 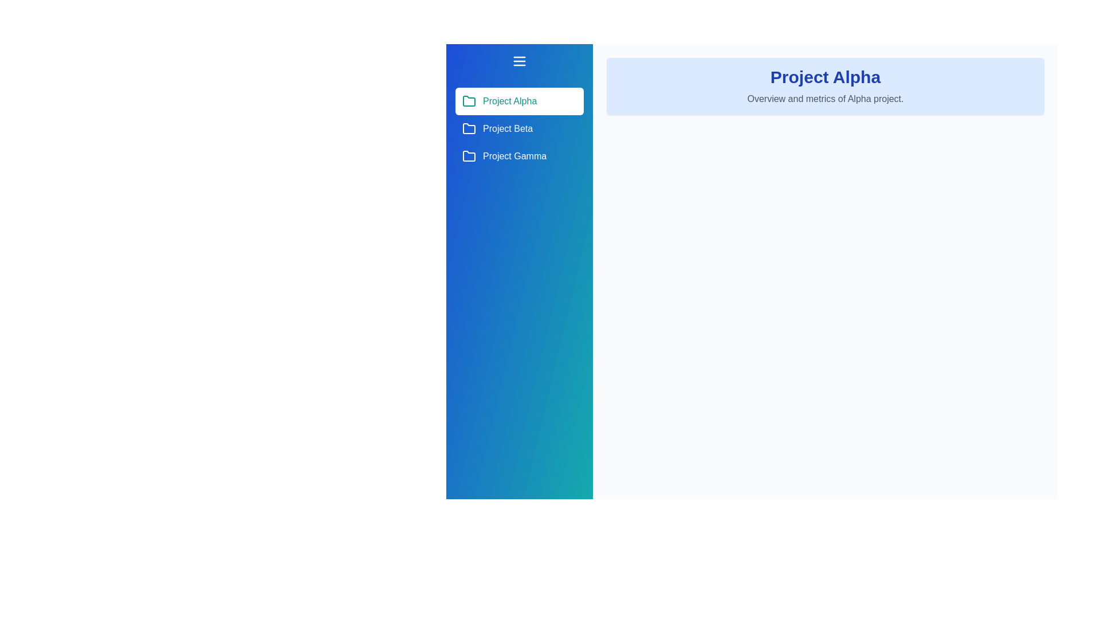 I want to click on the project name Project Alpha in the sidebar to select it, so click(x=519, y=101).